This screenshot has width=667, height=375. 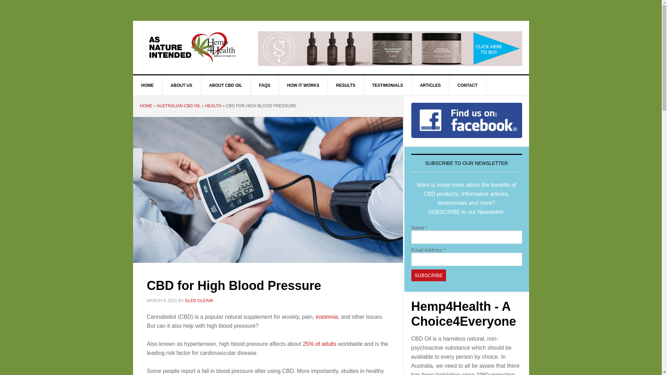 What do you see at coordinates (178, 106) in the screenshot?
I see `'AUSTRALIAN CBD OIL'` at bounding box center [178, 106].